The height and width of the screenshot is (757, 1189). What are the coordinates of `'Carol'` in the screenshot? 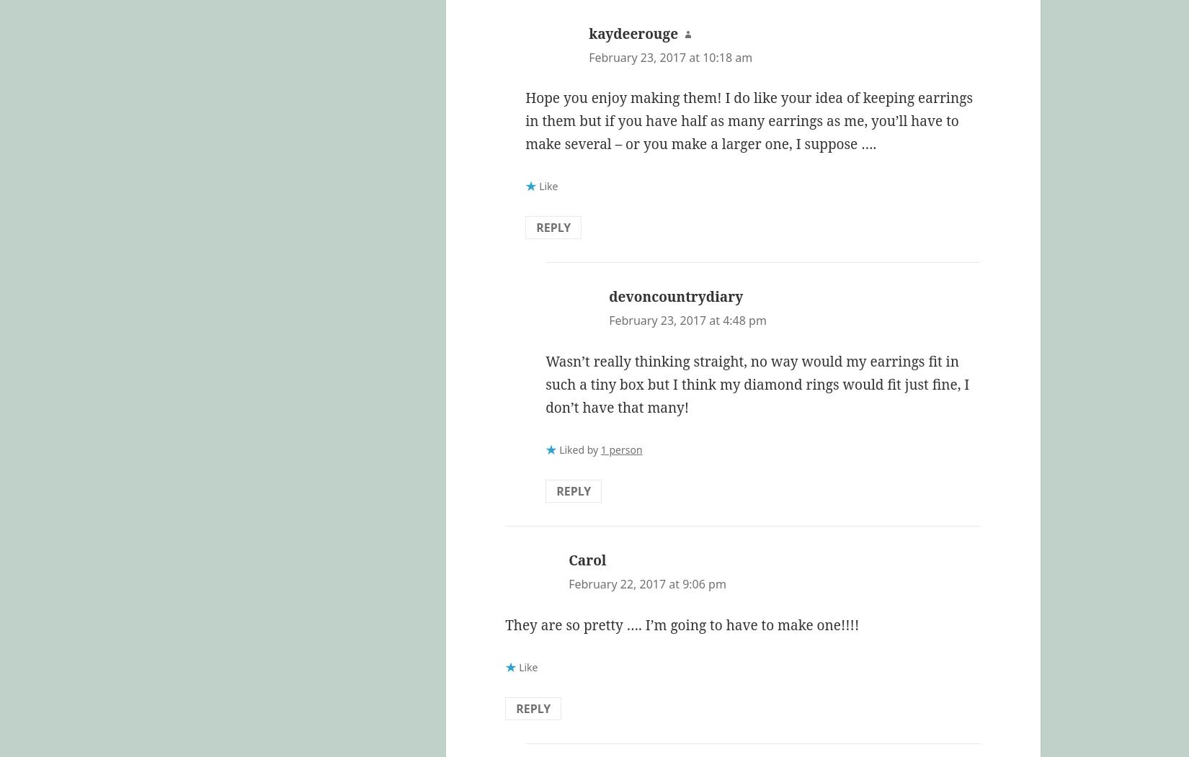 It's located at (586, 559).